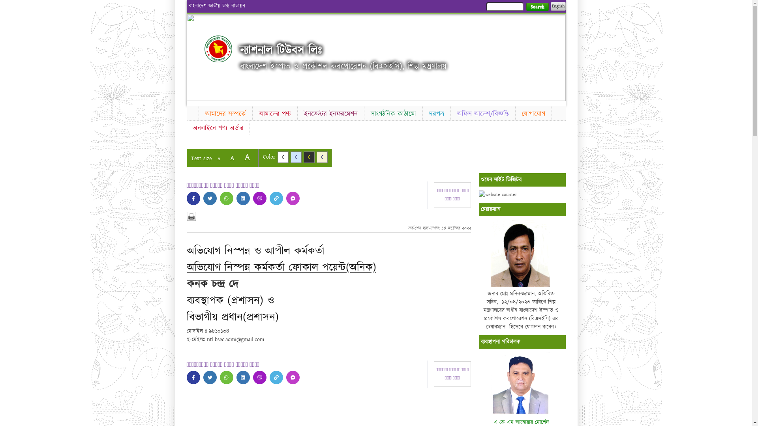 The height and width of the screenshot is (426, 758). I want to click on 'C', so click(295, 157).